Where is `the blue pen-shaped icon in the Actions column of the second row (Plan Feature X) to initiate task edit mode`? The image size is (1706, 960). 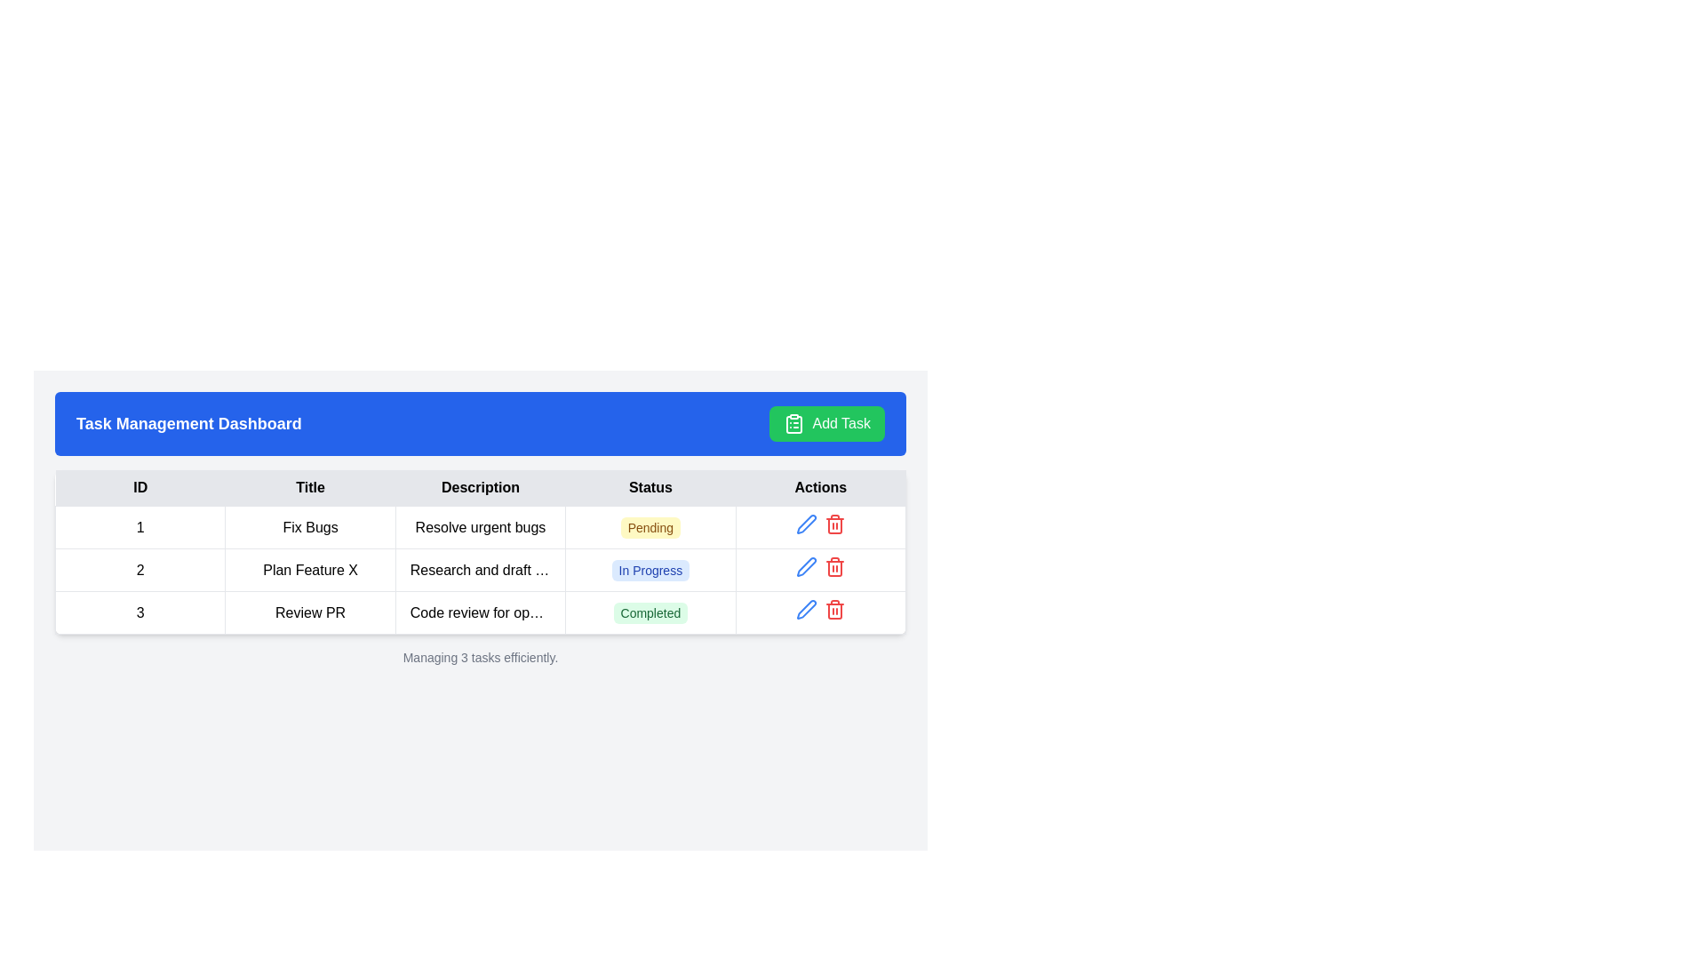
the blue pen-shaped icon in the Actions column of the second row (Plan Feature X) to initiate task edit mode is located at coordinates (805, 609).